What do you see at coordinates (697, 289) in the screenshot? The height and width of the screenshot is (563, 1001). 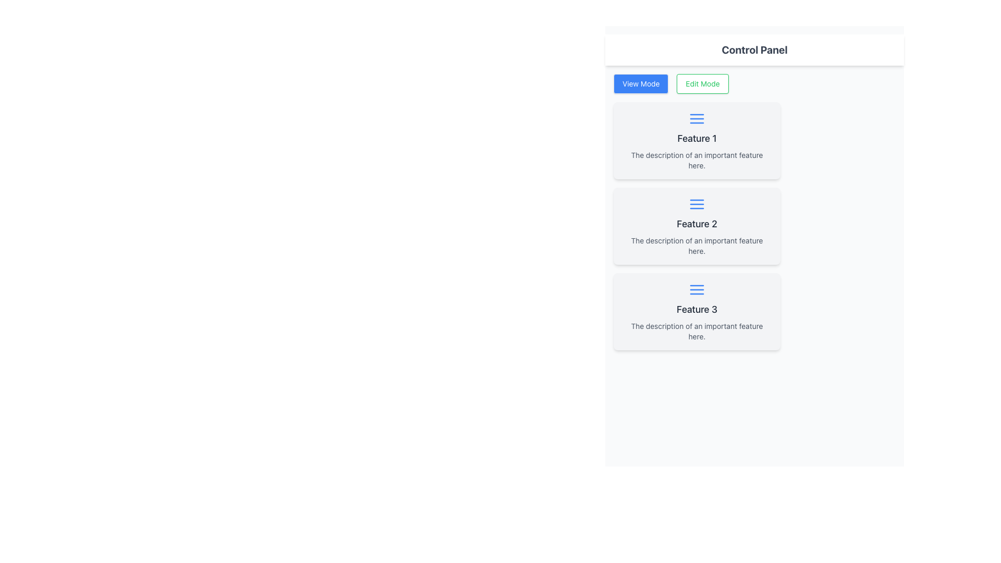 I see `the small blue three-line icon resembling a menu symbol, located at the top center of the card labeled 'Feature 3'` at bounding box center [697, 289].